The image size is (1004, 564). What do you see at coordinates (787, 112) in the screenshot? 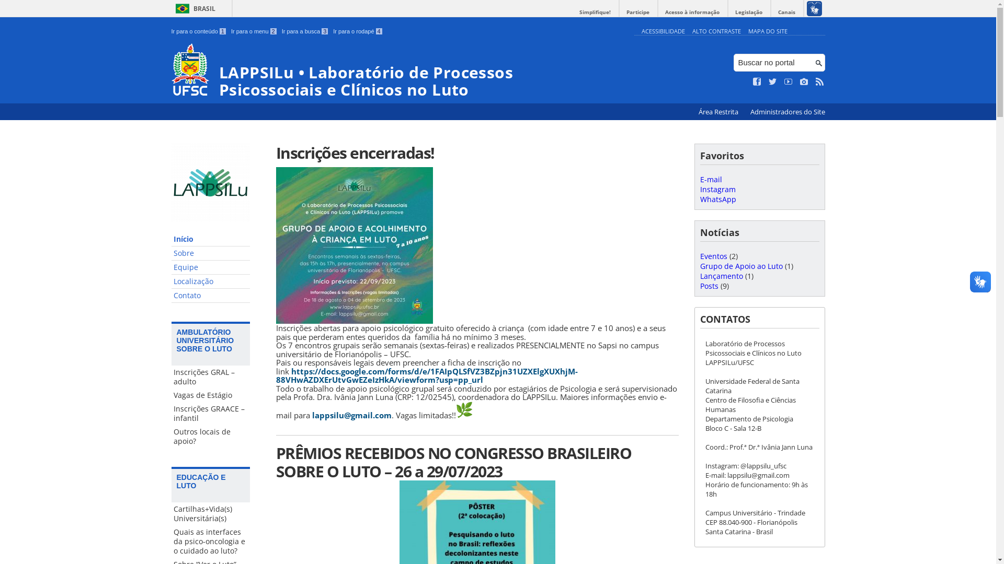
I see `'Administradores do Site'` at bounding box center [787, 112].